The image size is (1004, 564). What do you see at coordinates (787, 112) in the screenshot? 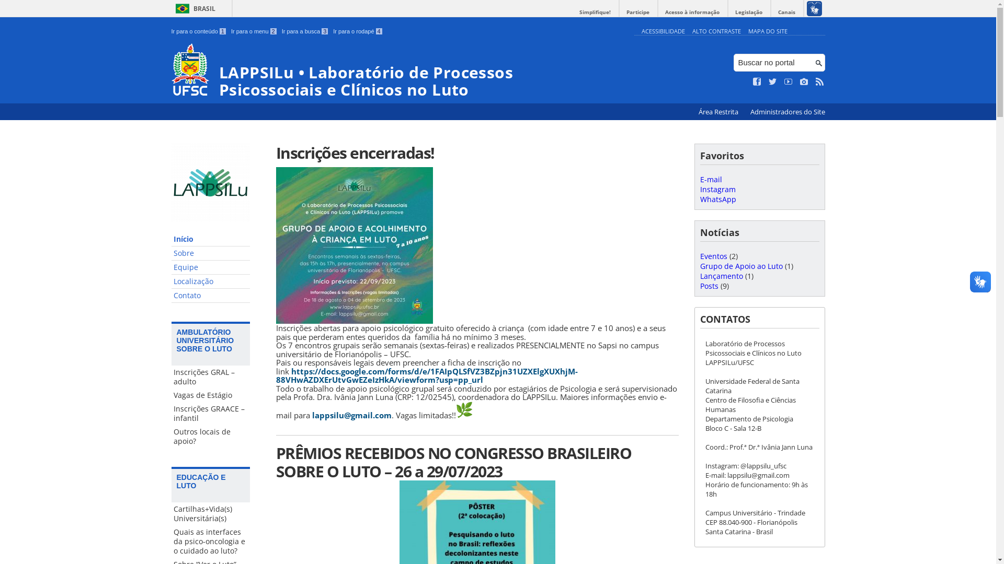
I see `'Administradores do Site'` at bounding box center [787, 112].